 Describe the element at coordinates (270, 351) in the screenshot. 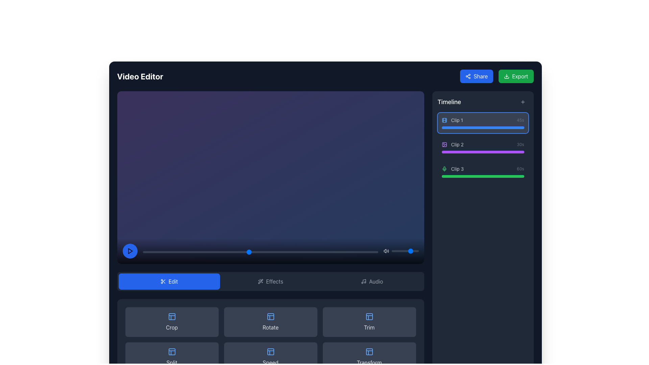

I see `the Icon element located above the 'Speed' text` at that location.